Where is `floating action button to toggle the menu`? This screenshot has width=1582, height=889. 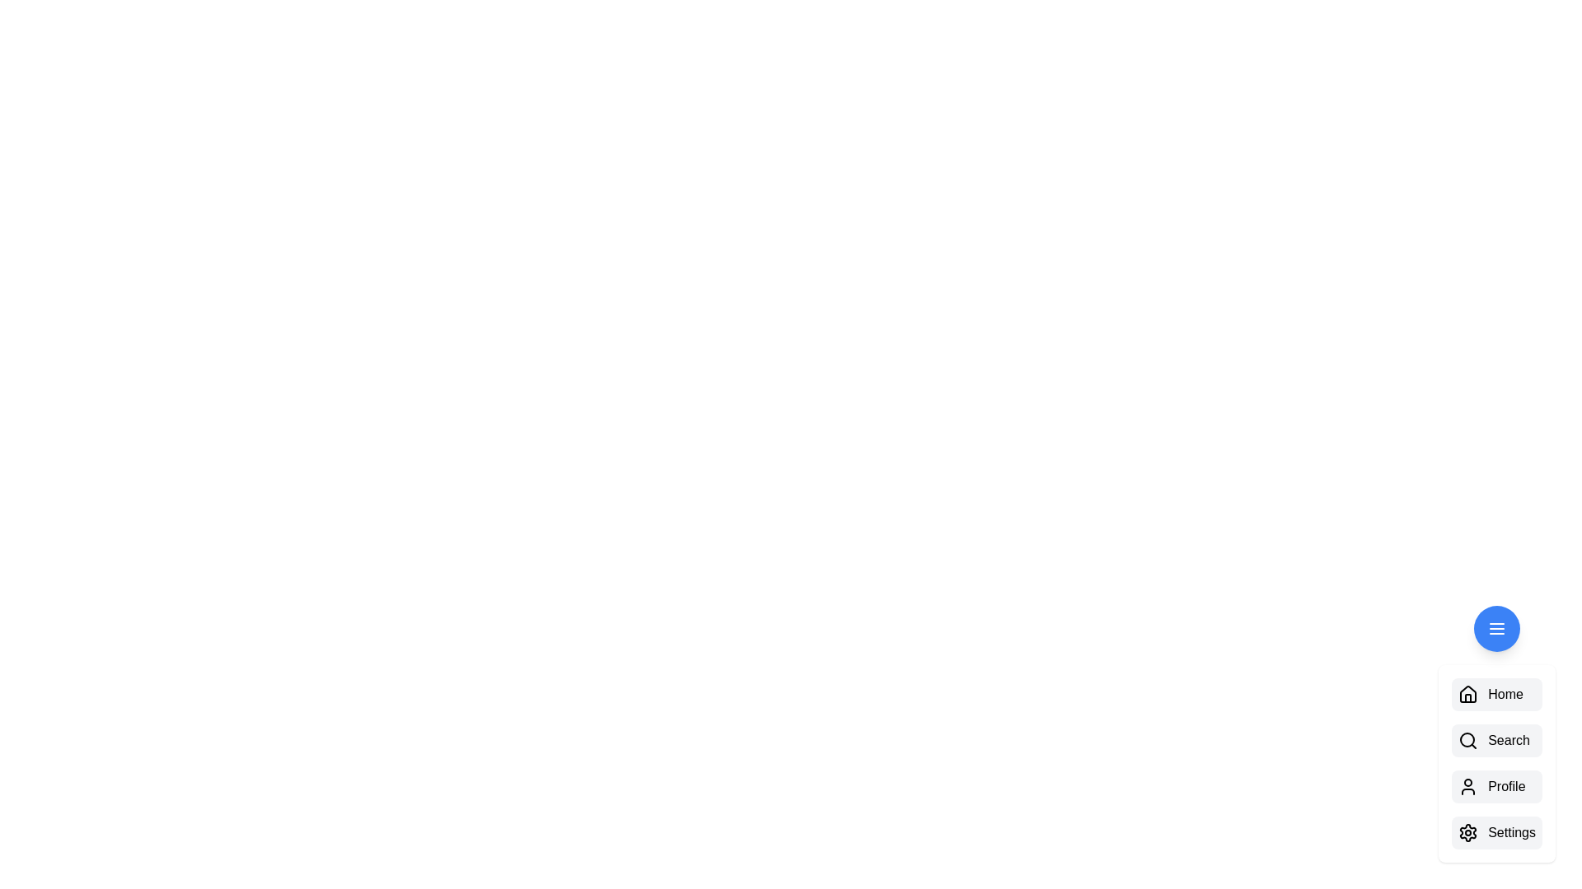
floating action button to toggle the menu is located at coordinates (1497, 628).